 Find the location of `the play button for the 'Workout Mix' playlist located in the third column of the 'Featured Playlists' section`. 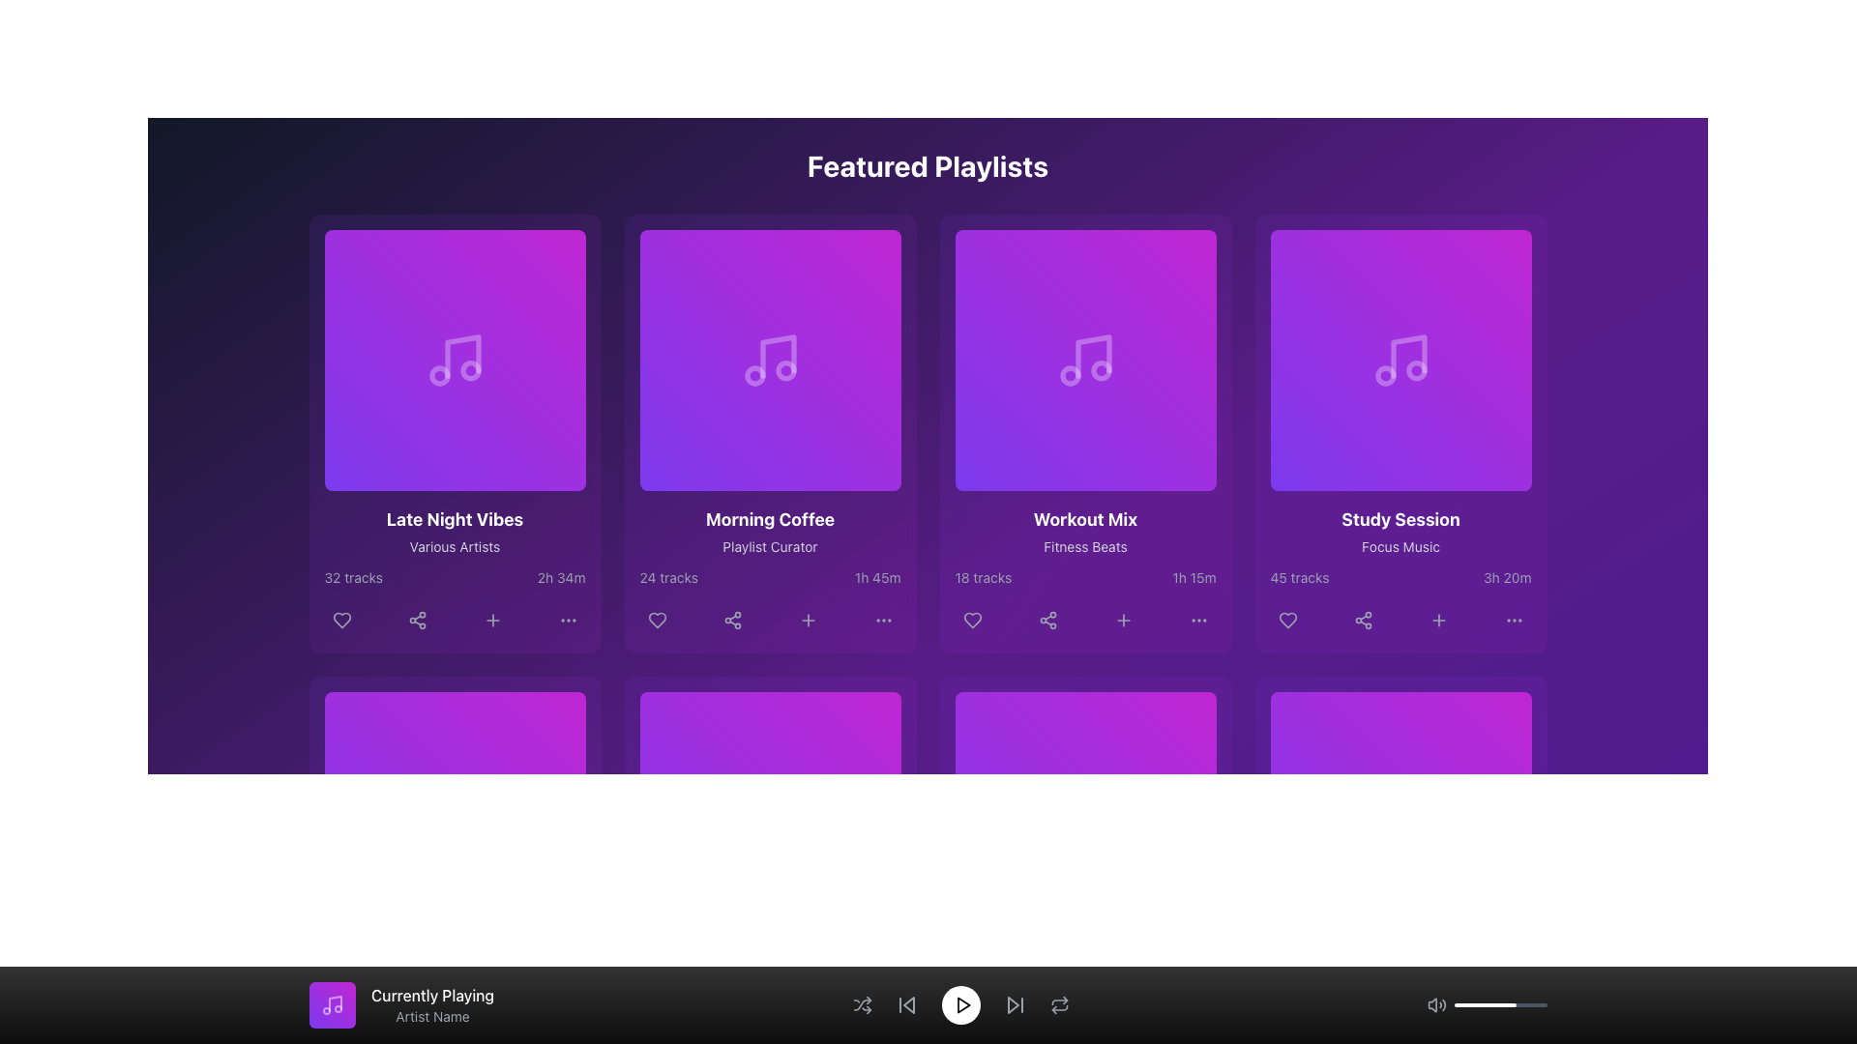

the play button for the 'Workout Mix' playlist located in the third column of the 'Featured Playlists' section is located at coordinates (1087, 361).